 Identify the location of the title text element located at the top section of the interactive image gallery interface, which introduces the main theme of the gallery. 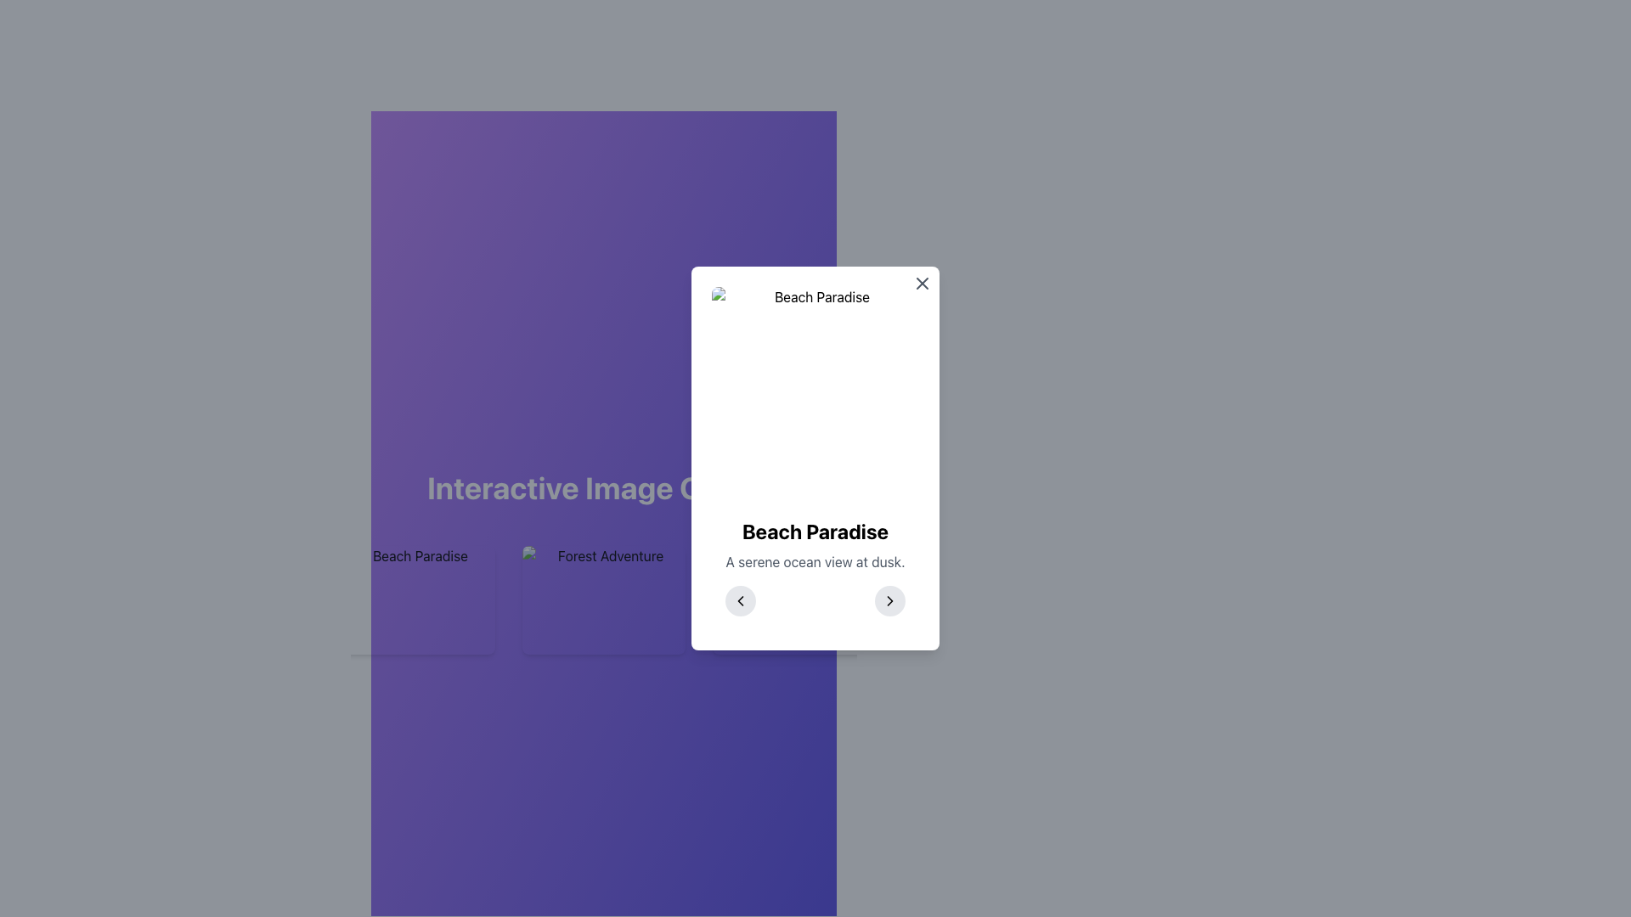
(603, 487).